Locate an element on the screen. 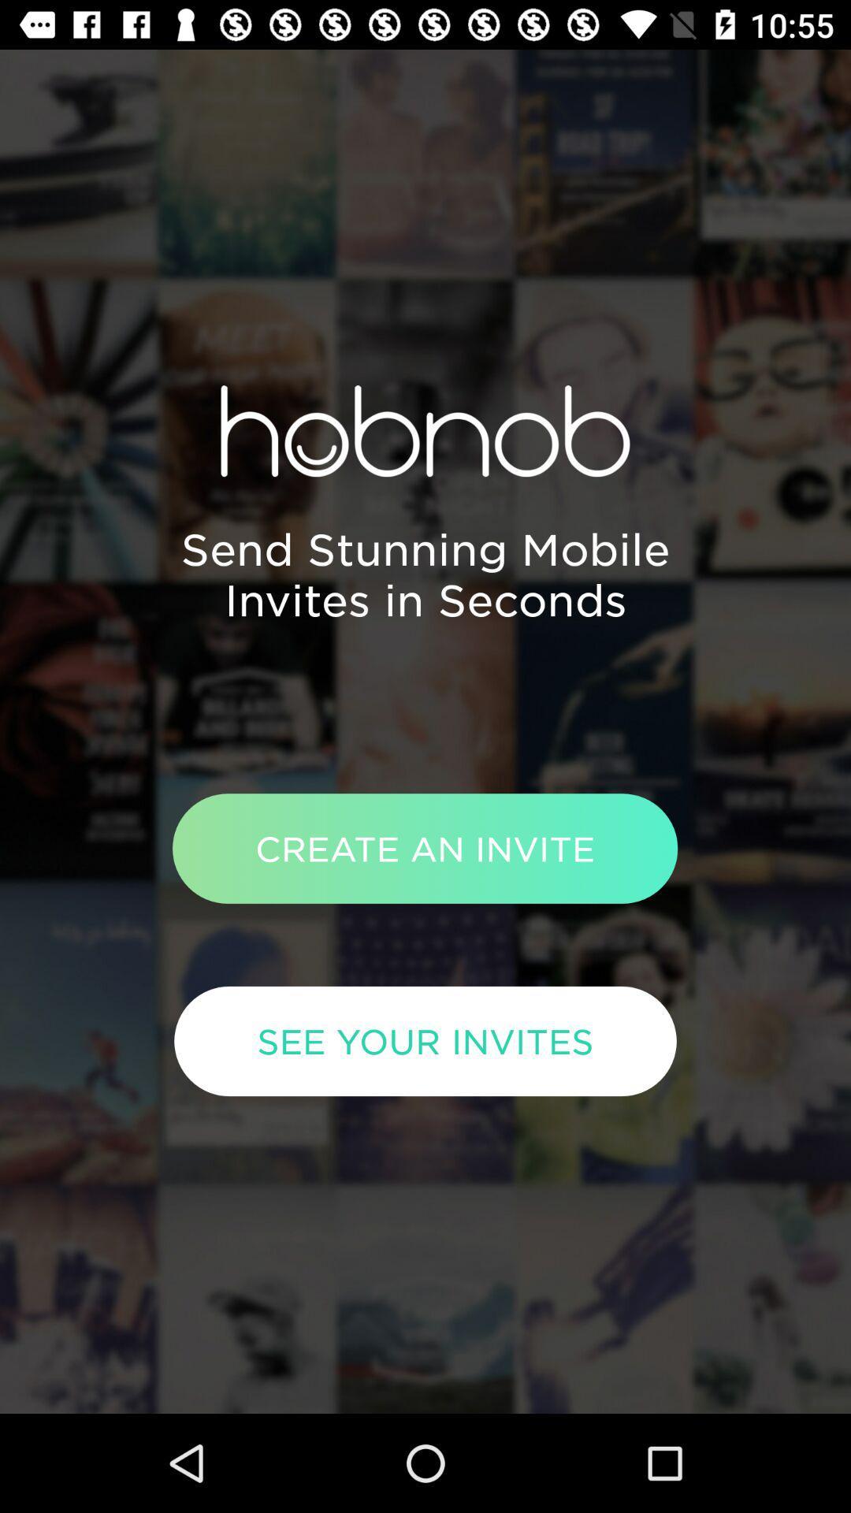 This screenshot has height=1513, width=851. see your invites item is located at coordinates (425, 1041).